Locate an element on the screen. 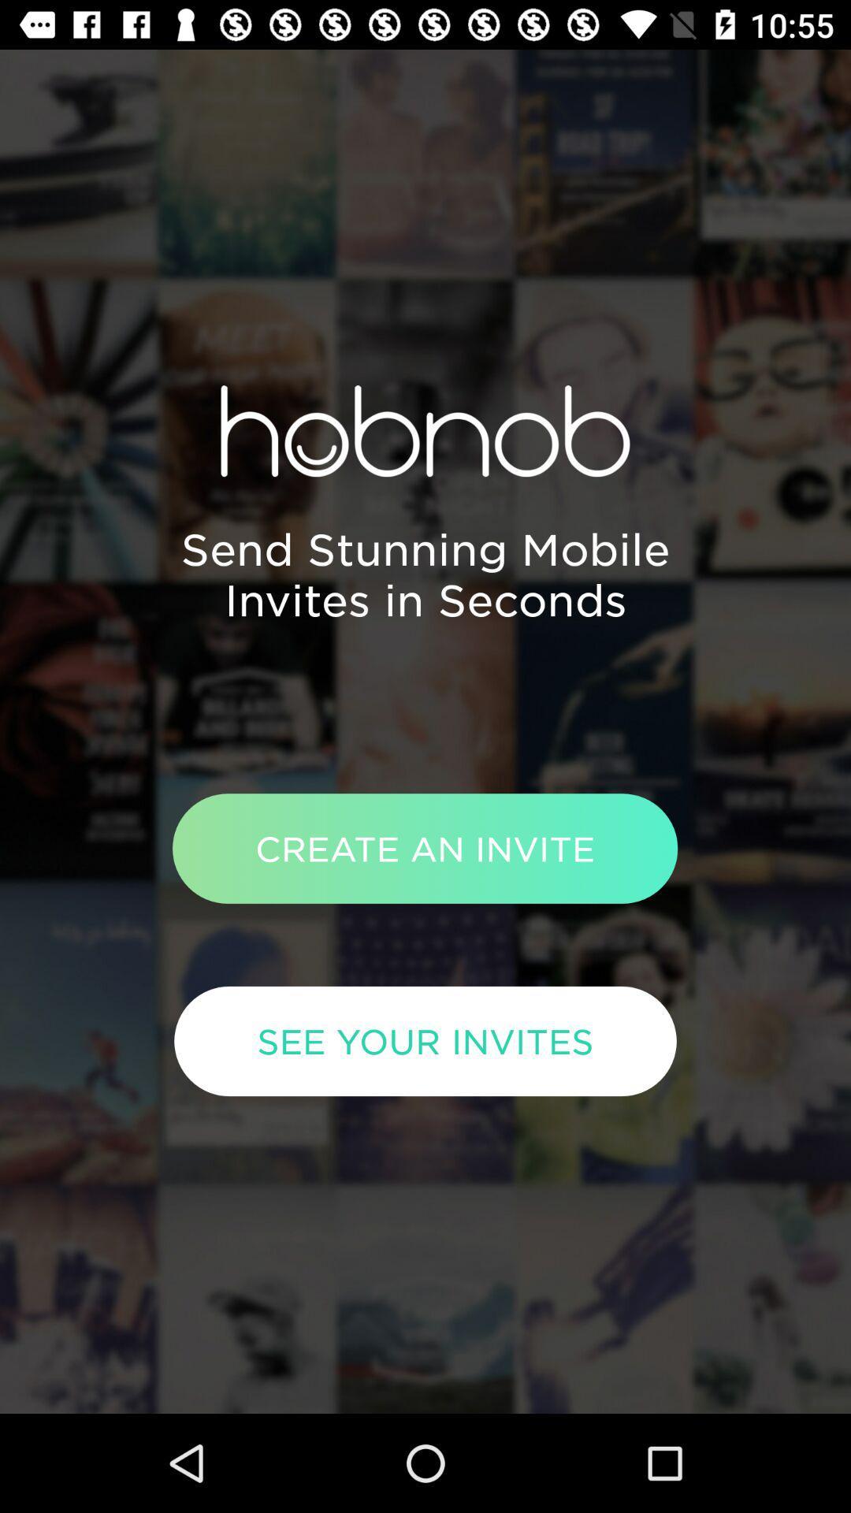 This screenshot has height=1513, width=851. see your invites item is located at coordinates (425, 1041).